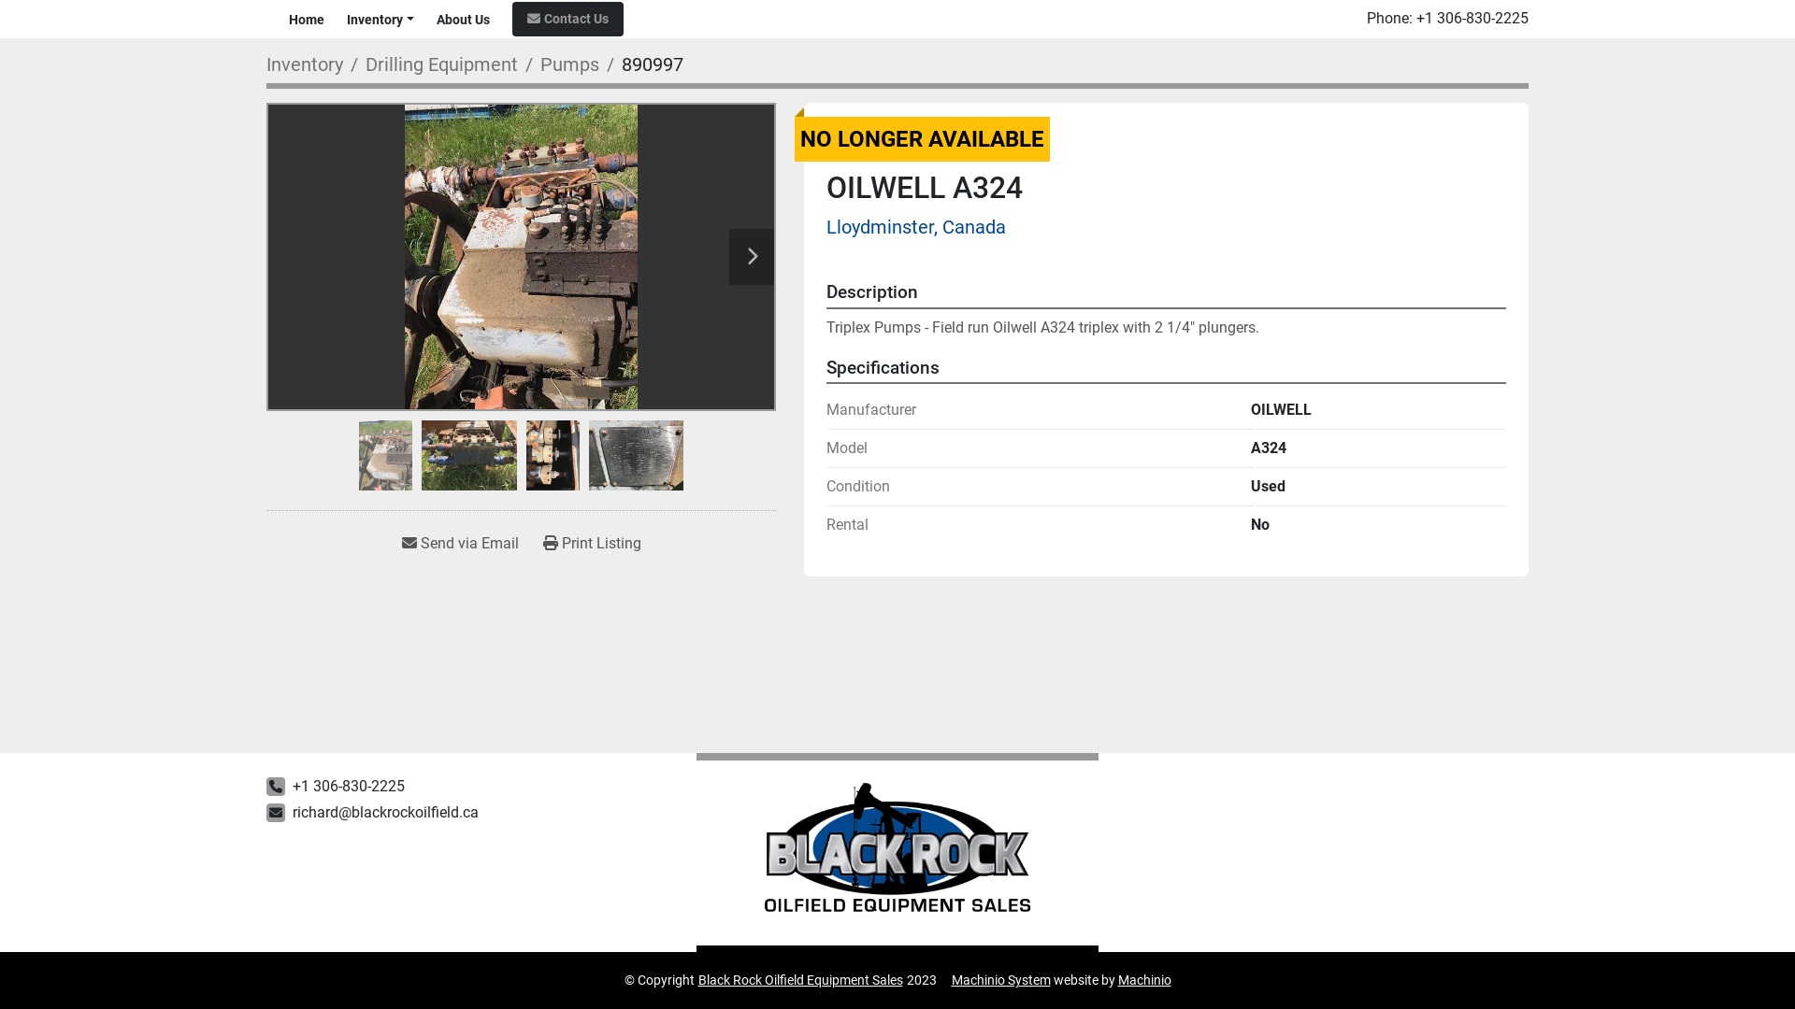  What do you see at coordinates (305, 64) in the screenshot?
I see `'Inventory'` at bounding box center [305, 64].